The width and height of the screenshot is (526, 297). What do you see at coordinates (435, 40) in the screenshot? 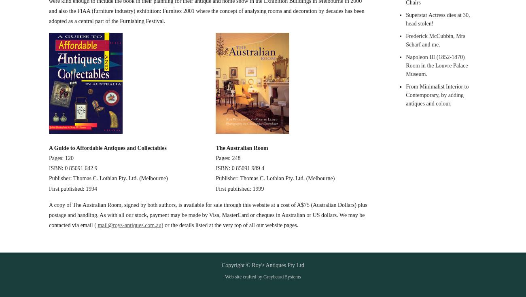
I see `'Frederick  McCubbin, Mrs Scharf and me.'` at bounding box center [435, 40].